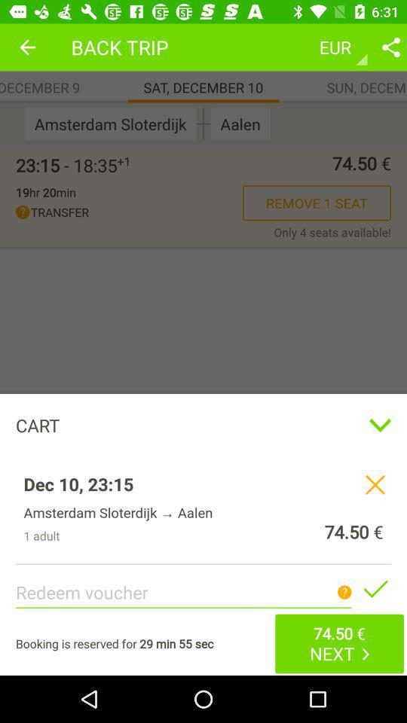 The image size is (407, 723). Describe the element at coordinates (374, 484) in the screenshot. I see `remove item` at that location.